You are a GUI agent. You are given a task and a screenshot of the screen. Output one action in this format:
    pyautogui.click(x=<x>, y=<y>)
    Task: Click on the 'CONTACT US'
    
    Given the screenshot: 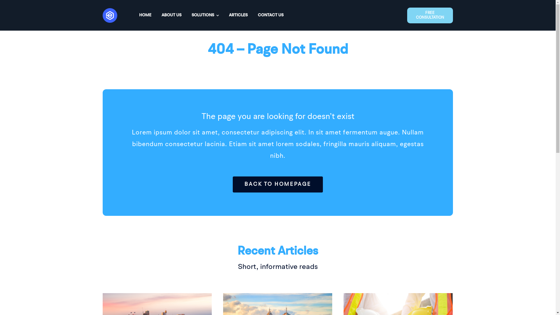 What is the action you would take?
    pyautogui.click(x=270, y=15)
    